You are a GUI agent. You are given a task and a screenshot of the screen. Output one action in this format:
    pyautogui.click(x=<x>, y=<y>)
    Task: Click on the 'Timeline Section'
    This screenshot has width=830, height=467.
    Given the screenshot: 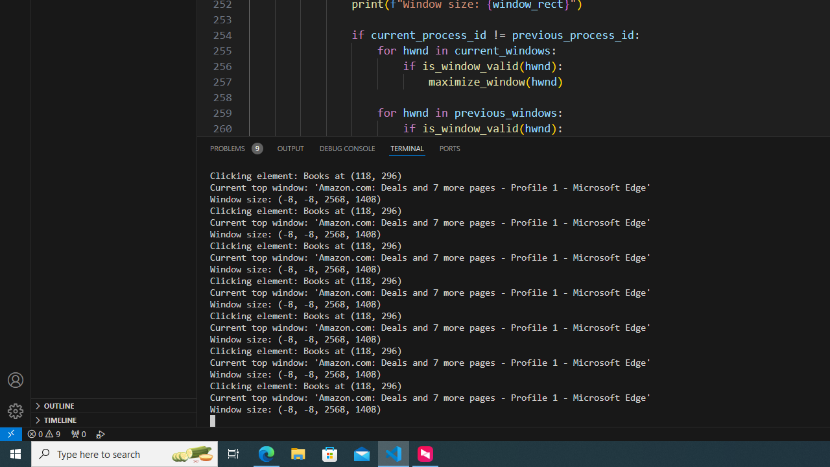 What is the action you would take?
    pyautogui.click(x=114, y=419)
    